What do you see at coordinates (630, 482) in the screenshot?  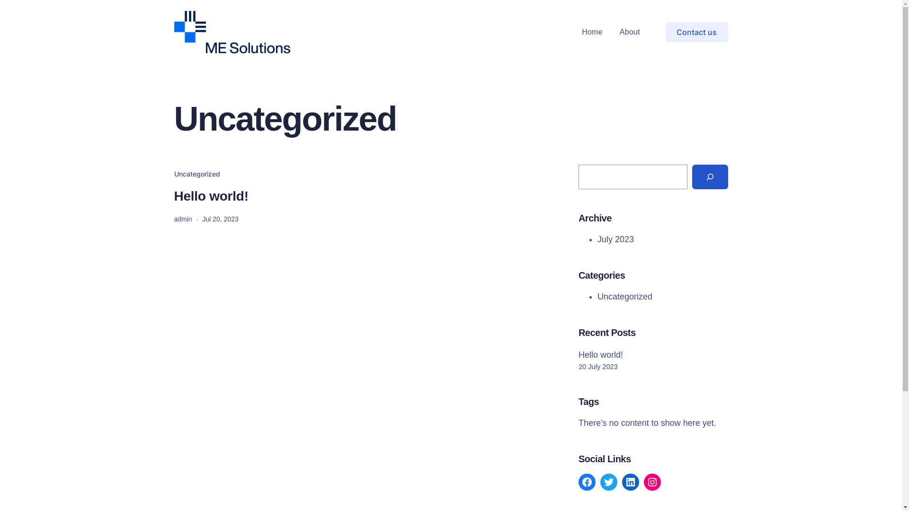 I see `'LinkedIn'` at bounding box center [630, 482].